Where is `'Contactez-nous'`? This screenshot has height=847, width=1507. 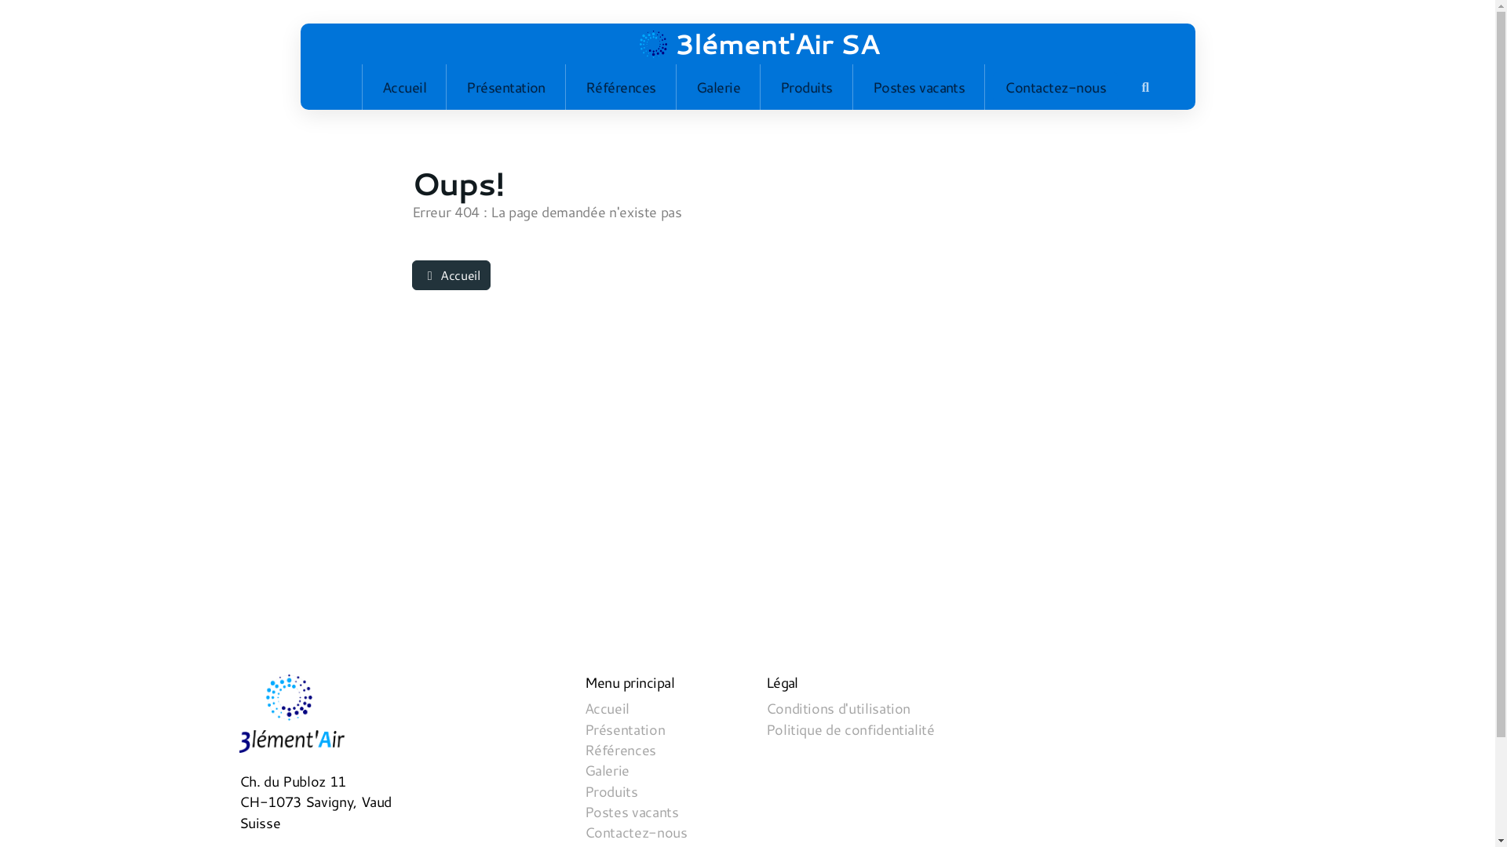 'Contactez-nous' is located at coordinates (1055, 87).